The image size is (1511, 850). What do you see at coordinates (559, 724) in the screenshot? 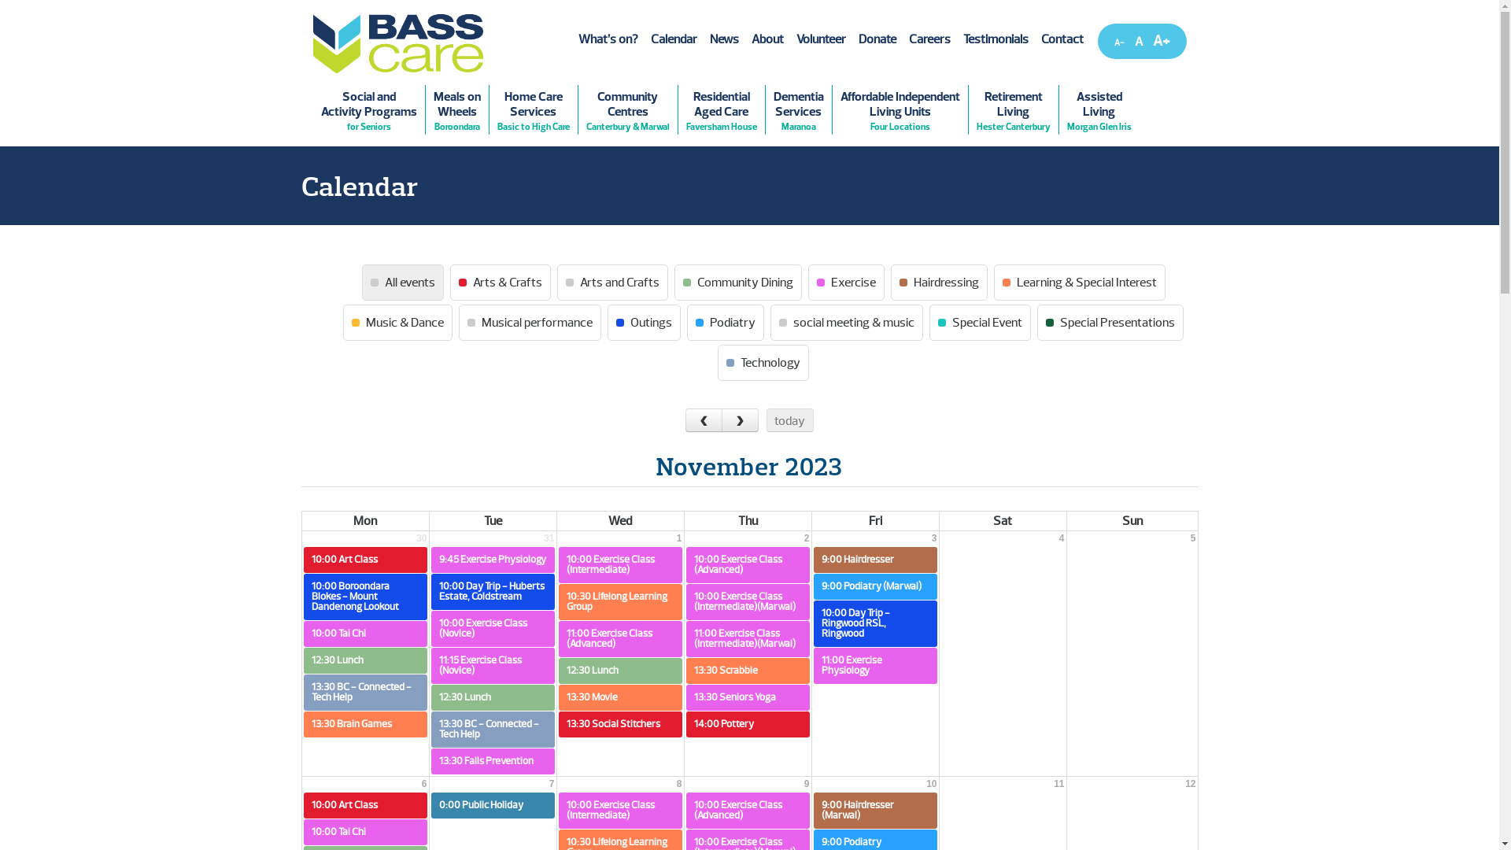
I see `'13:30 Social Stitchers` at bounding box center [559, 724].